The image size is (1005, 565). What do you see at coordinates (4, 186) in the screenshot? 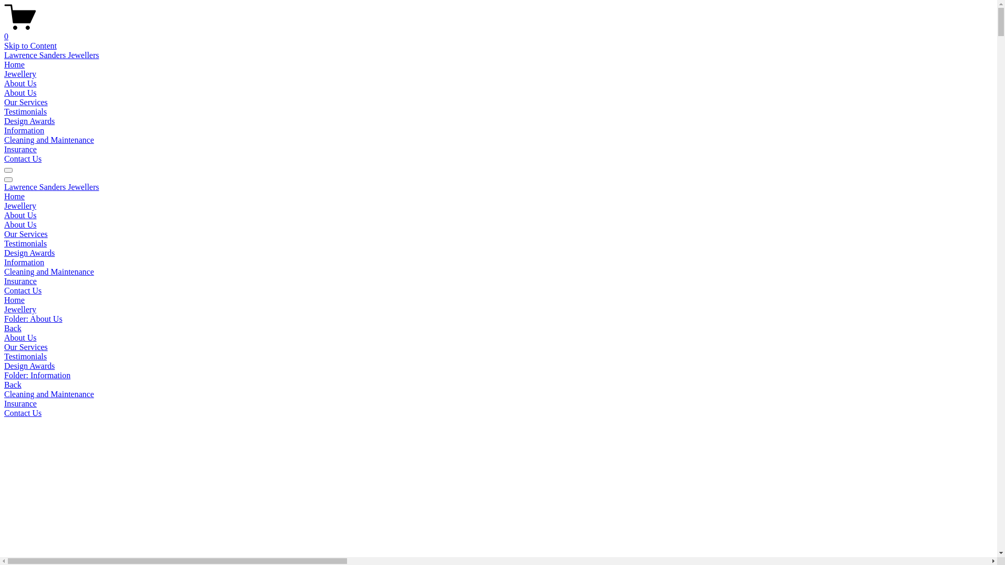
I see `'Lawrence Sanders Jewellers'` at bounding box center [4, 186].